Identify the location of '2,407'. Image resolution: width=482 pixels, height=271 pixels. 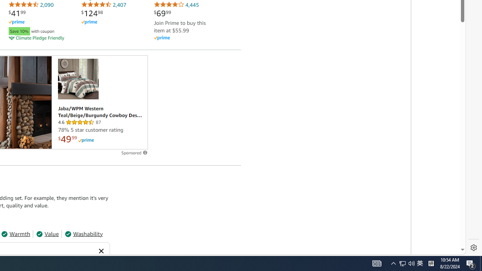
(103, 5).